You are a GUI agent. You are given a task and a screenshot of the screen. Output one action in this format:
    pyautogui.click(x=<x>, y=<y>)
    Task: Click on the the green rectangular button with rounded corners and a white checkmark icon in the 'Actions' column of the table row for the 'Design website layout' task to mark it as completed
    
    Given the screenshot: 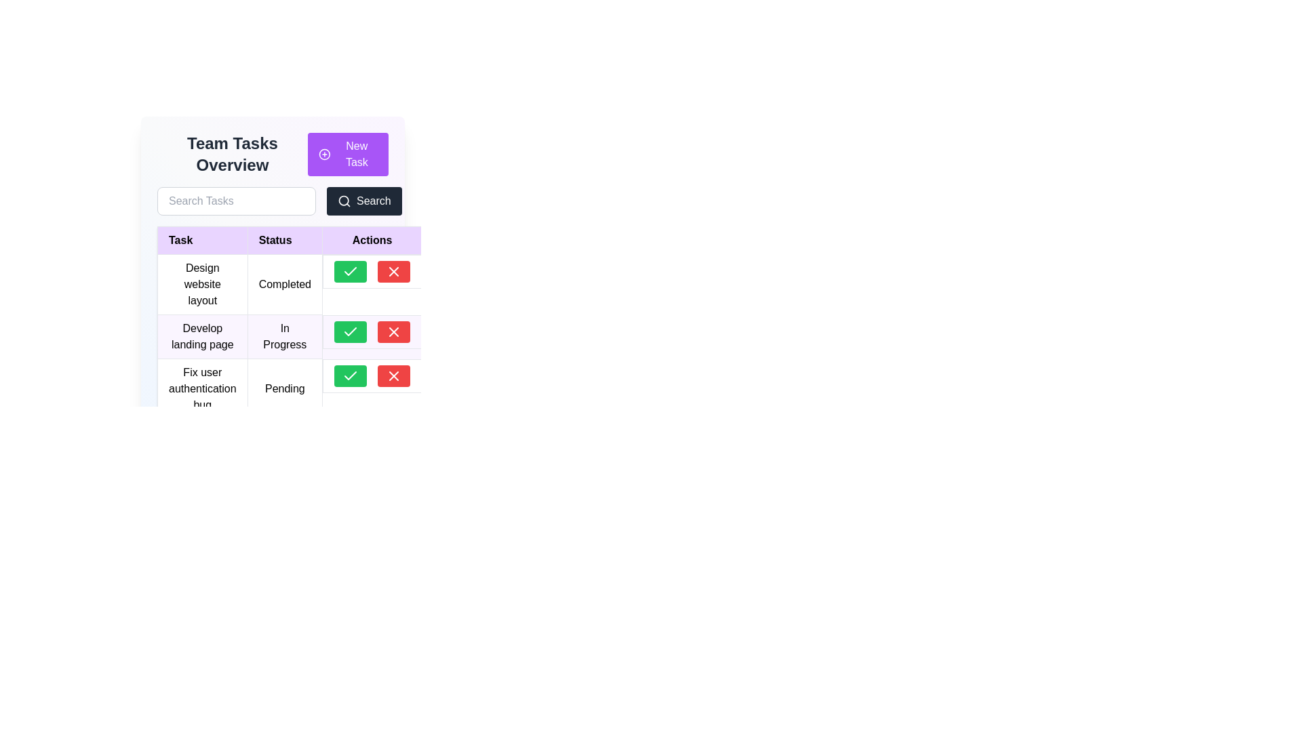 What is the action you would take?
    pyautogui.click(x=351, y=272)
    